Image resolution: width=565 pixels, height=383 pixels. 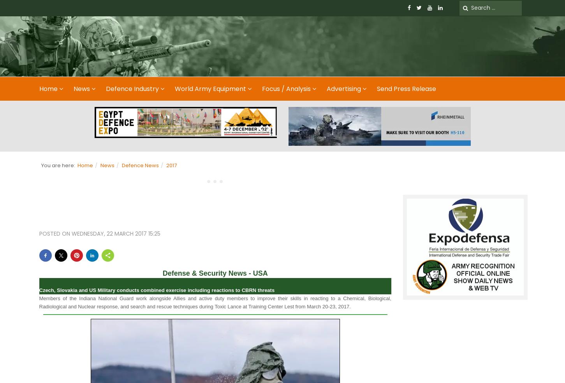 What do you see at coordinates (171, 164) in the screenshot?
I see `'2017'` at bounding box center [171, 164].